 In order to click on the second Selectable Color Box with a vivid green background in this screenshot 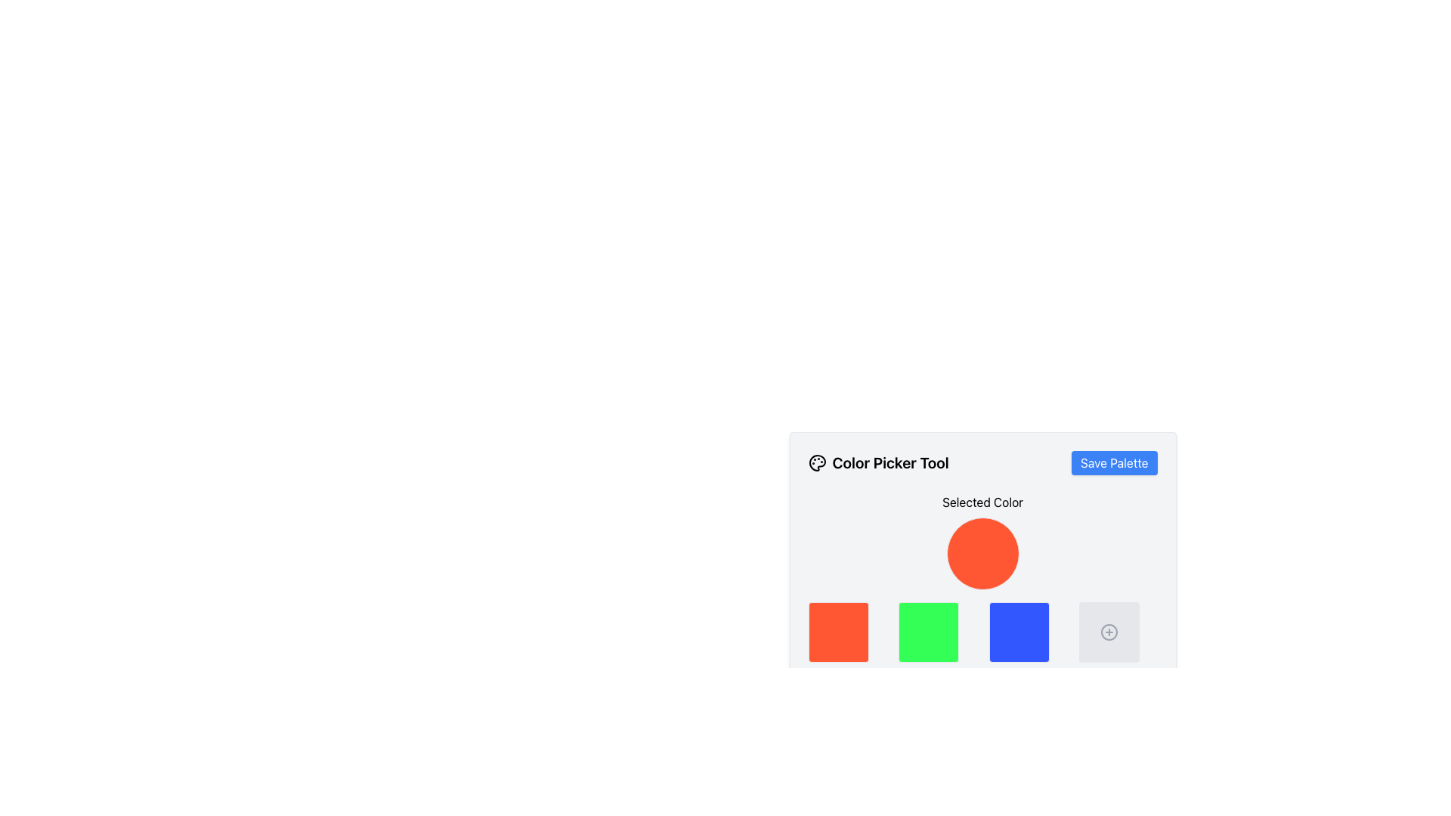, I will do `click(927, 632)`.